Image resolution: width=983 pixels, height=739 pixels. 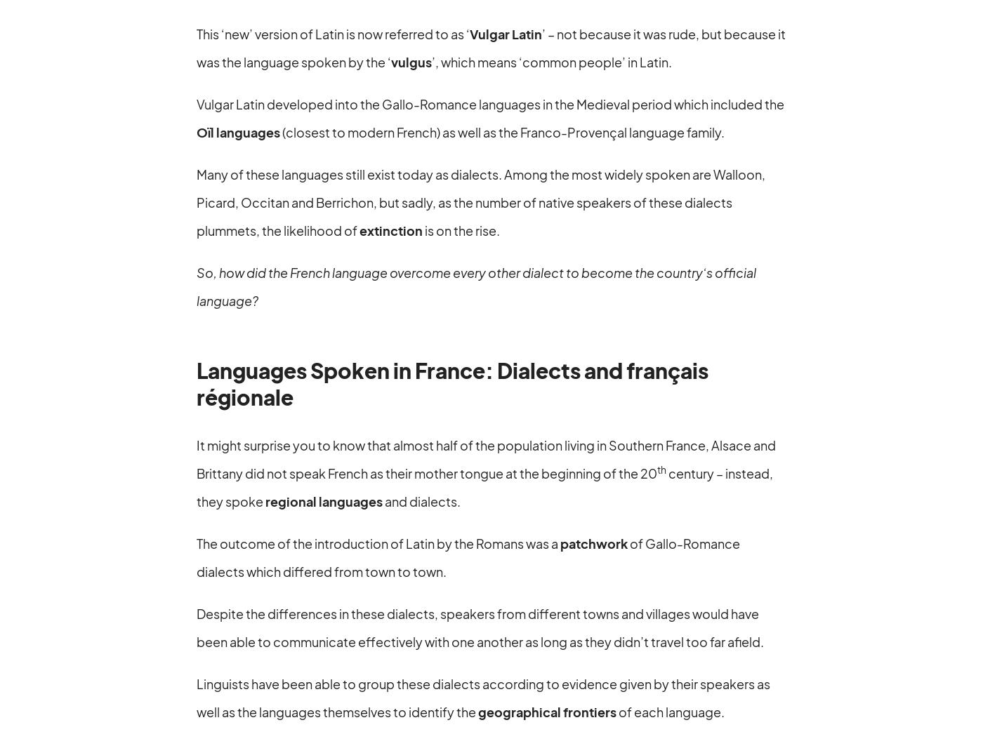 What do you see at coordinates (486, 458) in the screenshot?
I see `'It might surprise you to know that almost half of the population living in Southern France, Alsace and Brittany did not speak French as their mother tongue at the beginning of the 20'` at bounding box center [486, 458].